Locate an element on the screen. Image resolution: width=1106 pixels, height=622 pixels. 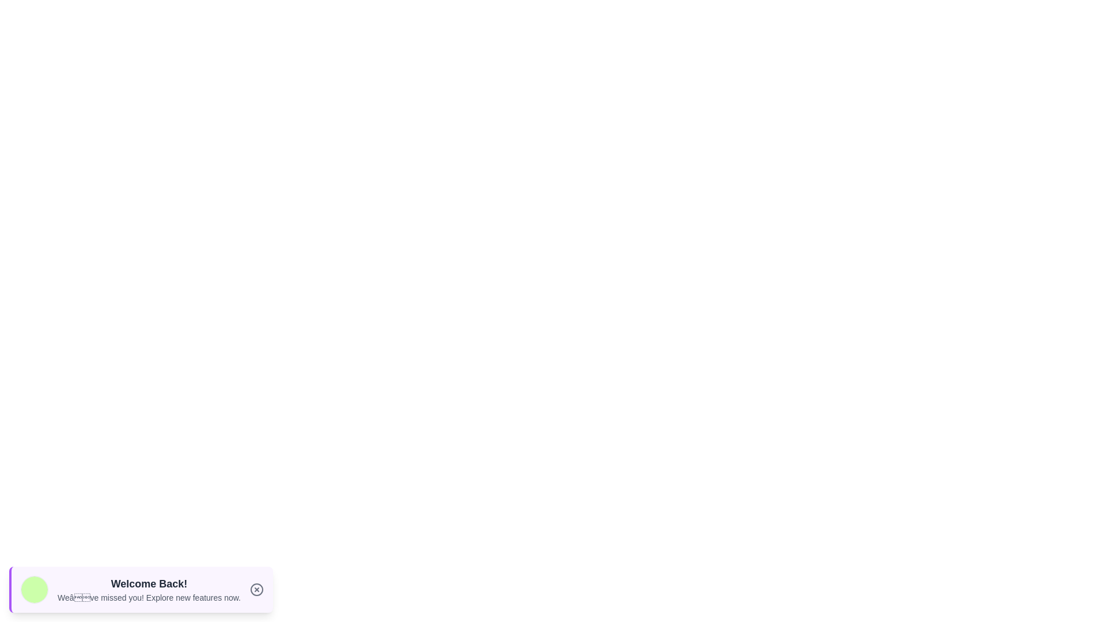
the close button to observe interaction feedback is located at coordinates (256, 589).